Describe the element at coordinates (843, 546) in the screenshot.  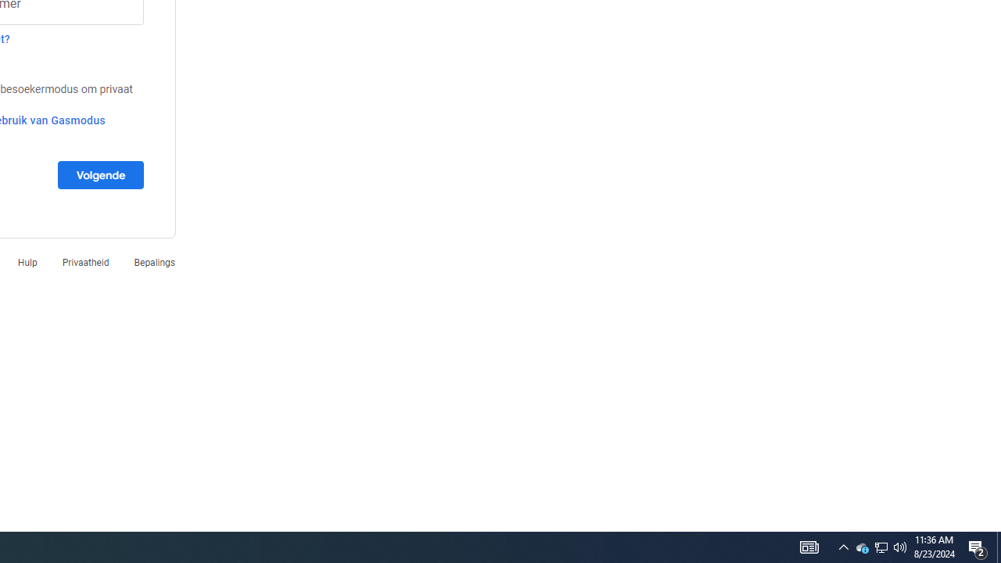
I see `'Notification Chevron'` at that location.